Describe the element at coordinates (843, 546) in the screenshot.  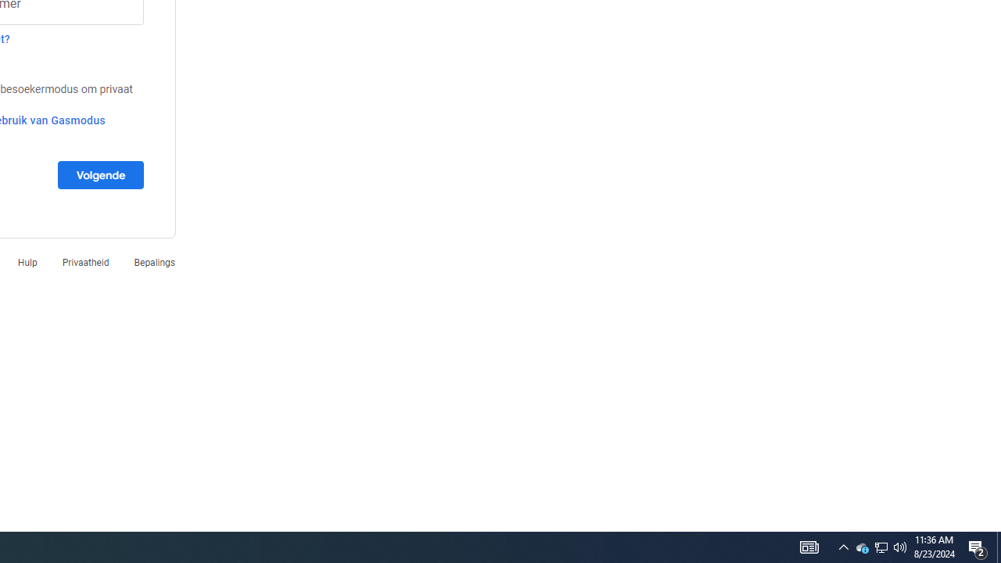
I see `'Notification Chevron'` at that location.